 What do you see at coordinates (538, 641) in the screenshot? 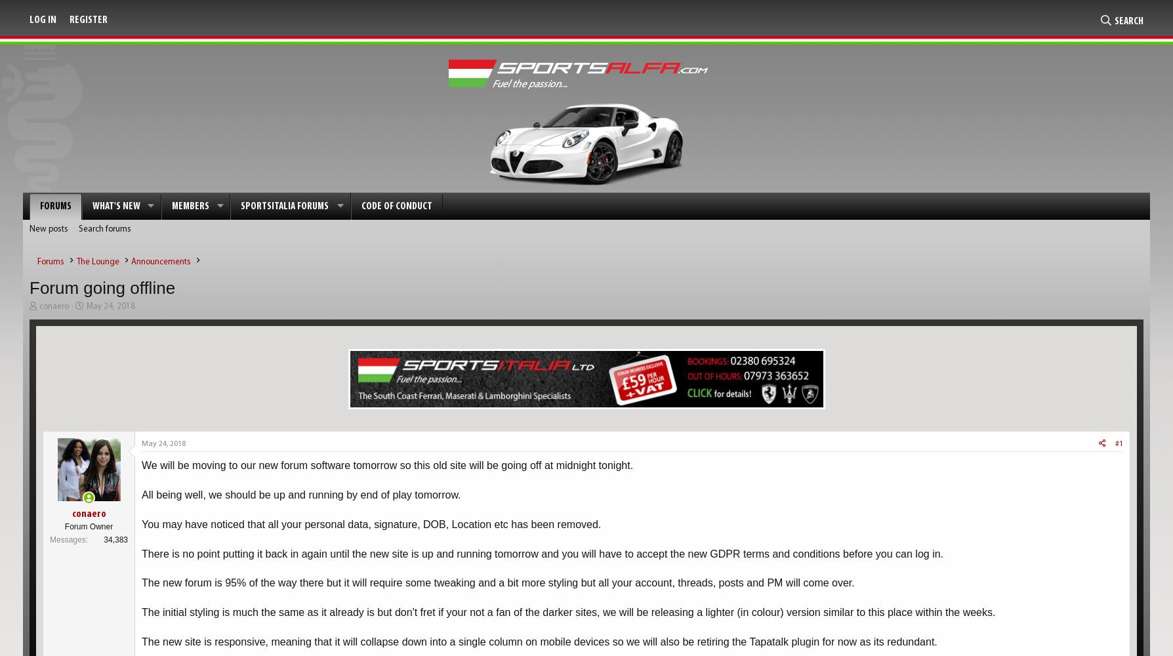
I see `'The new site is responsive, meaning that it will collapse down into a single column on mobile devices so we will also be retiring the Tapatalk plugin for now as its redundant.'` at bounding box center [538, 641].